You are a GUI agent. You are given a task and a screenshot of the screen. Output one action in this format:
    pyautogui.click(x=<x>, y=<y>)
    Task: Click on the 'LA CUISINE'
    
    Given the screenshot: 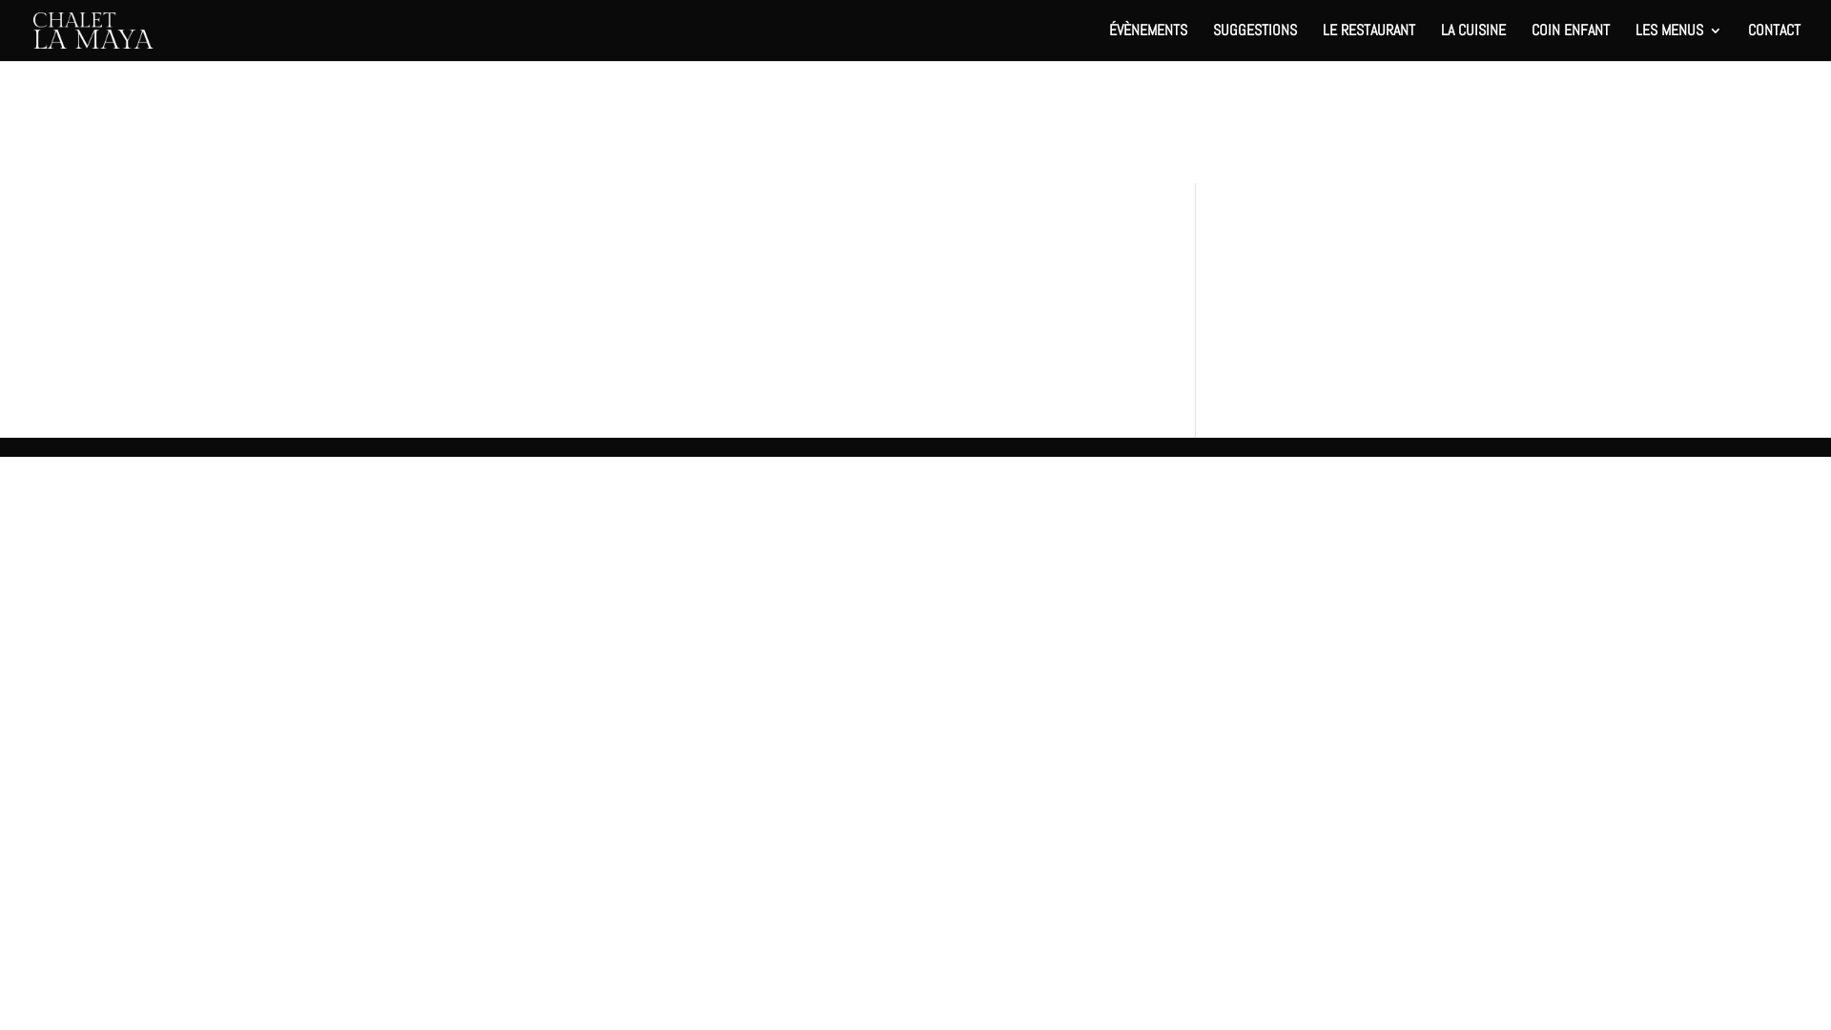 What is the action you would take?
    pyautogui.click(x=1441, y=42)
    